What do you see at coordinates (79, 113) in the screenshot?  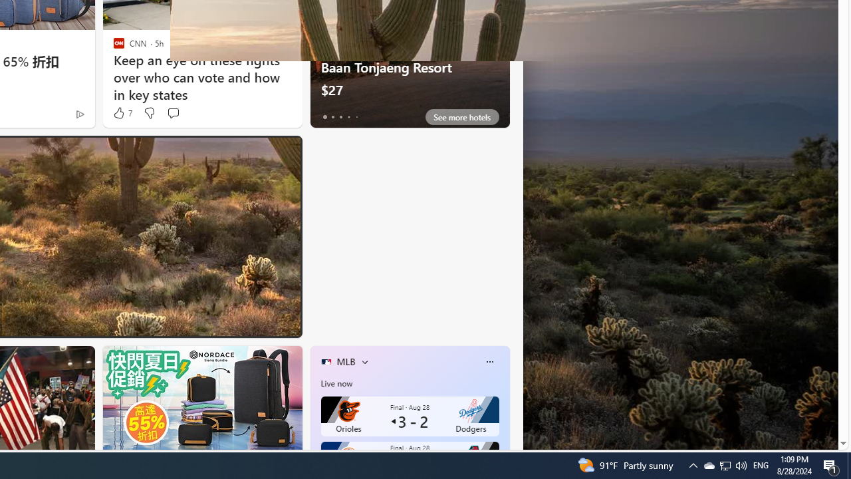 I see `'Ad Choice'` at bounding box center [79, 113].